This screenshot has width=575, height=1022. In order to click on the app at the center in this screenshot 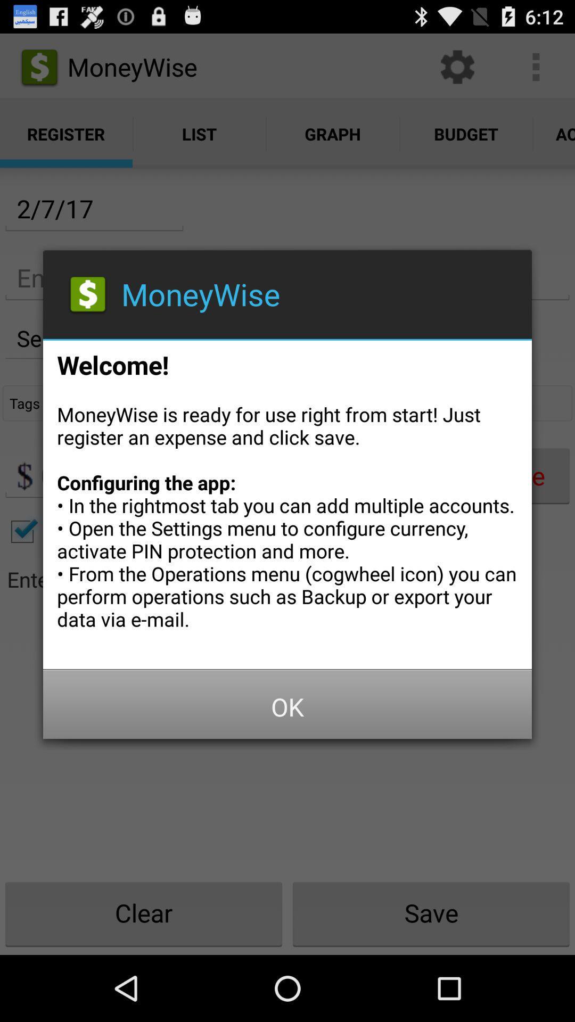, I will do `click(287, 500)`.